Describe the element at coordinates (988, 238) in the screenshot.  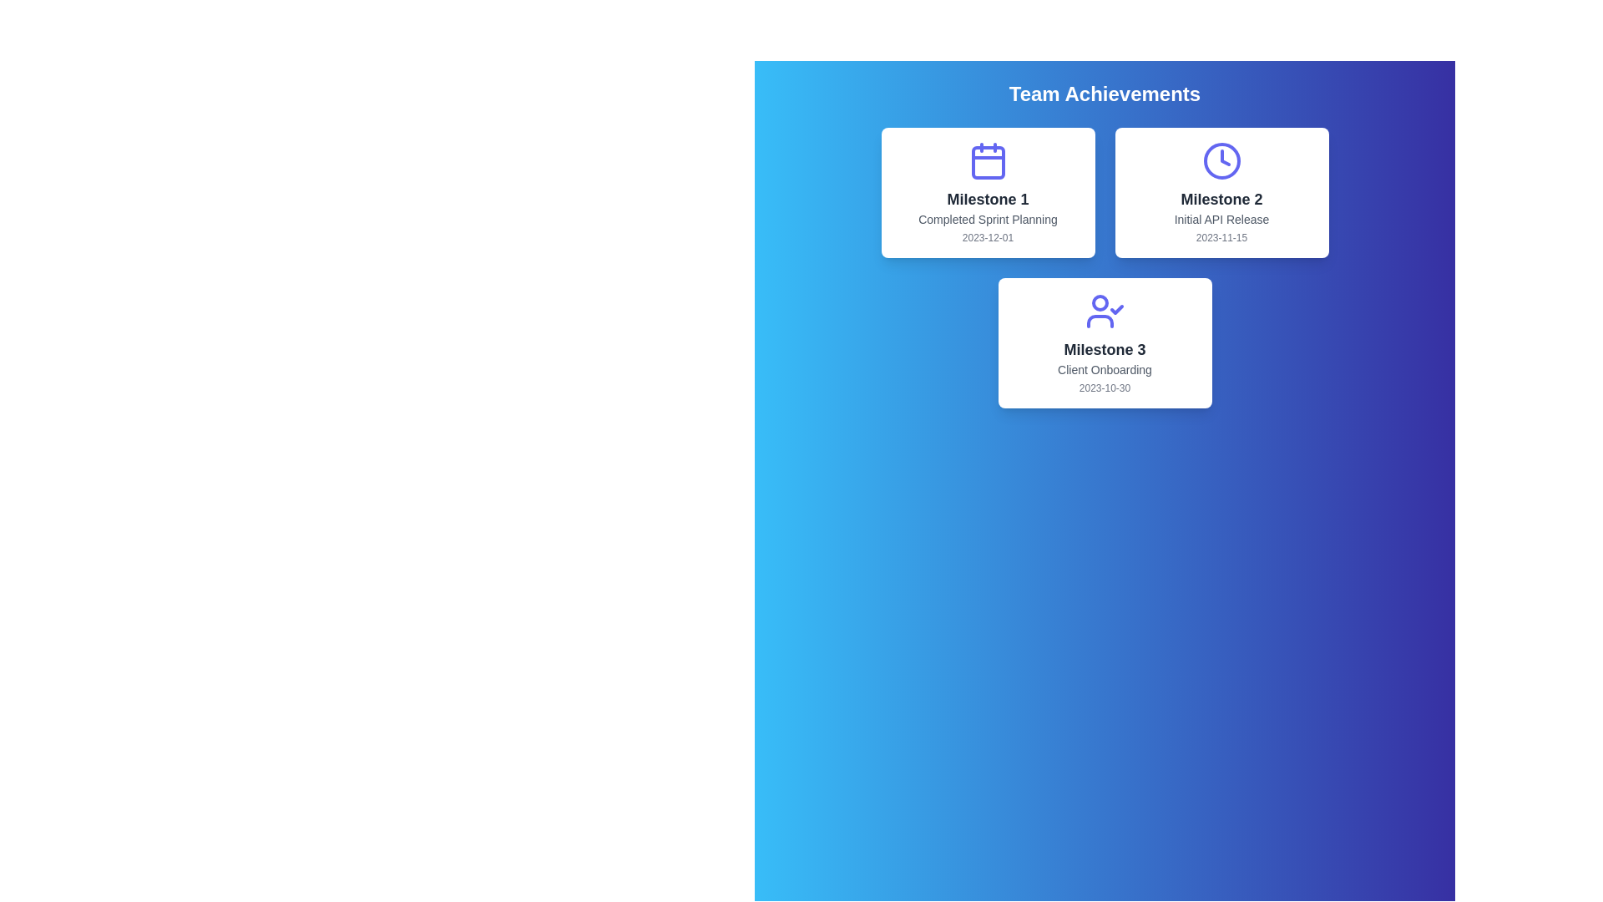
I see `date displayed in the text label located in the card labeled 'Milestone 1', which appears below 'Completed Sprint Planning'` at that location.